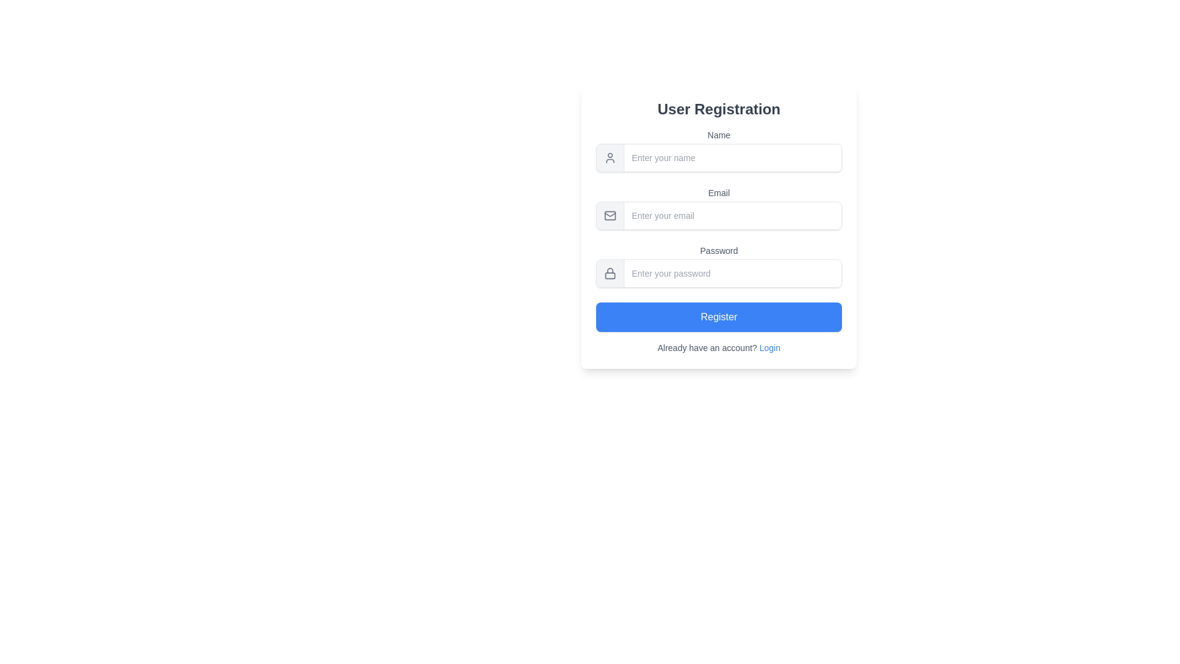  What do you see at coordinates (610, 157) in the screenshot?
I see `the decorative icon located on the left side of the 'Name' input field in the 'User Registration' form, which serves as a visual cue for the input field` at bounding box center [610, 157].